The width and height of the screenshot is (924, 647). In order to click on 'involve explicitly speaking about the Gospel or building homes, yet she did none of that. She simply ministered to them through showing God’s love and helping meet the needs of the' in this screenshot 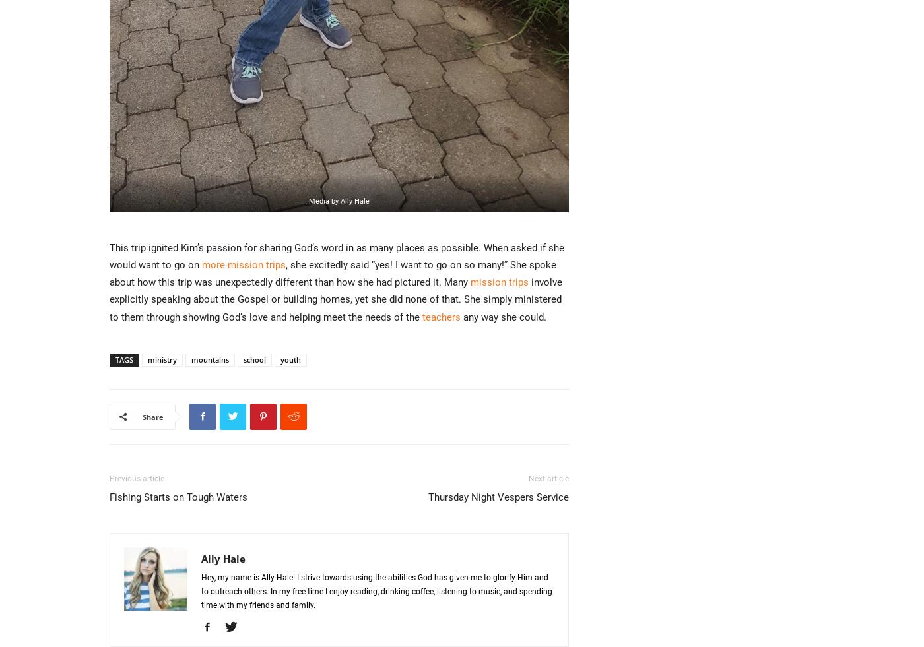, I will do `click(335, 299)`.